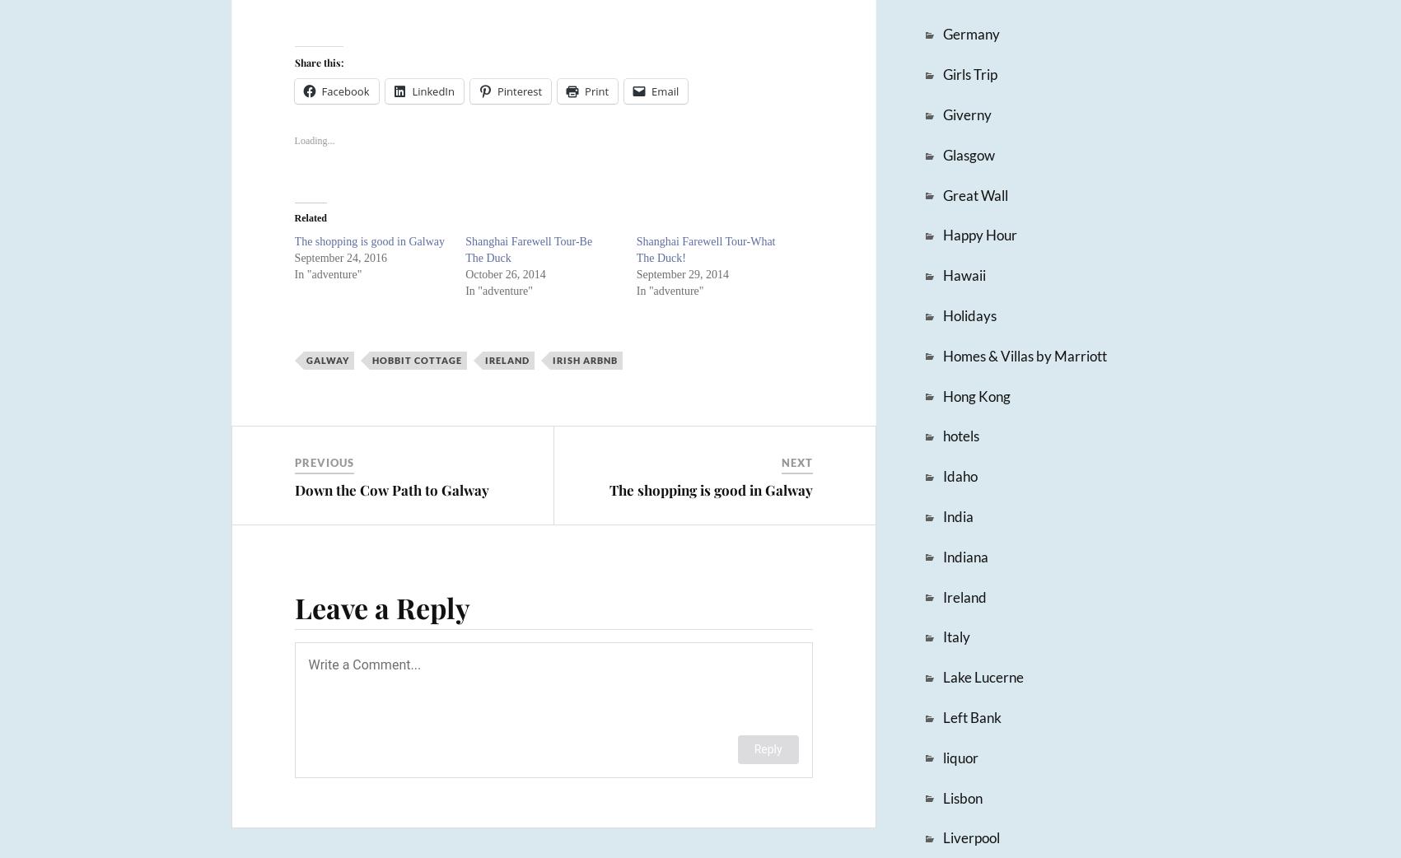  I want to click on 'Germany', so click(941, 33).